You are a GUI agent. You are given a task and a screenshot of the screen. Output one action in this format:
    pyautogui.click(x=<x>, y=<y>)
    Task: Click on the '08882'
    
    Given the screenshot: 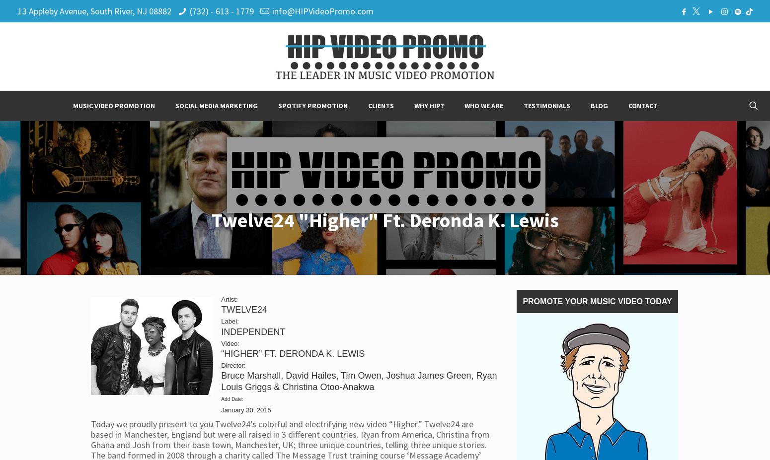 What is the action you would take?
    pyautogui.click(x=148, y=10)
    